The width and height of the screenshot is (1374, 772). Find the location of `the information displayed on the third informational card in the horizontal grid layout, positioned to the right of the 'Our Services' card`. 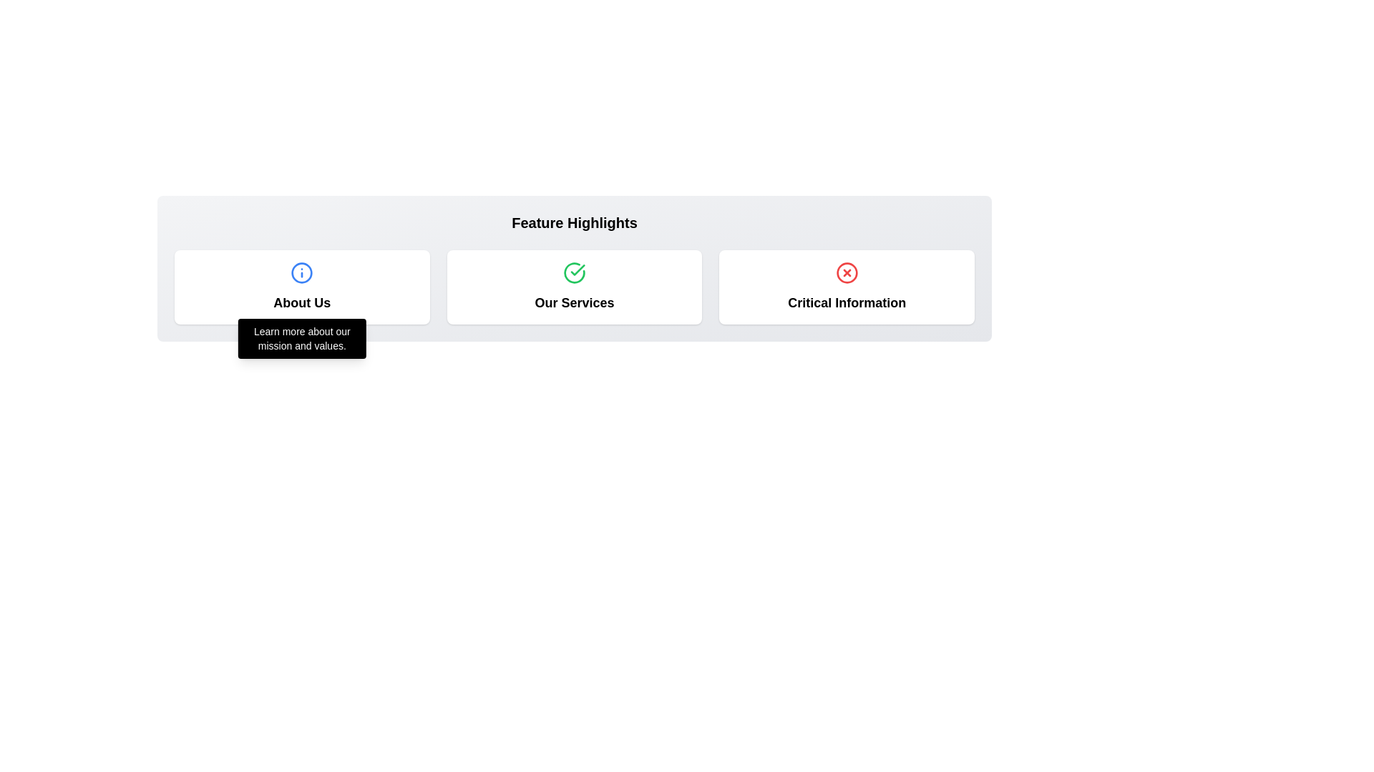

the information displayed on the third informational card in the horizontal grid layout, positioned to the right of the 'Our Services' card is located at coordinates (847, 287).